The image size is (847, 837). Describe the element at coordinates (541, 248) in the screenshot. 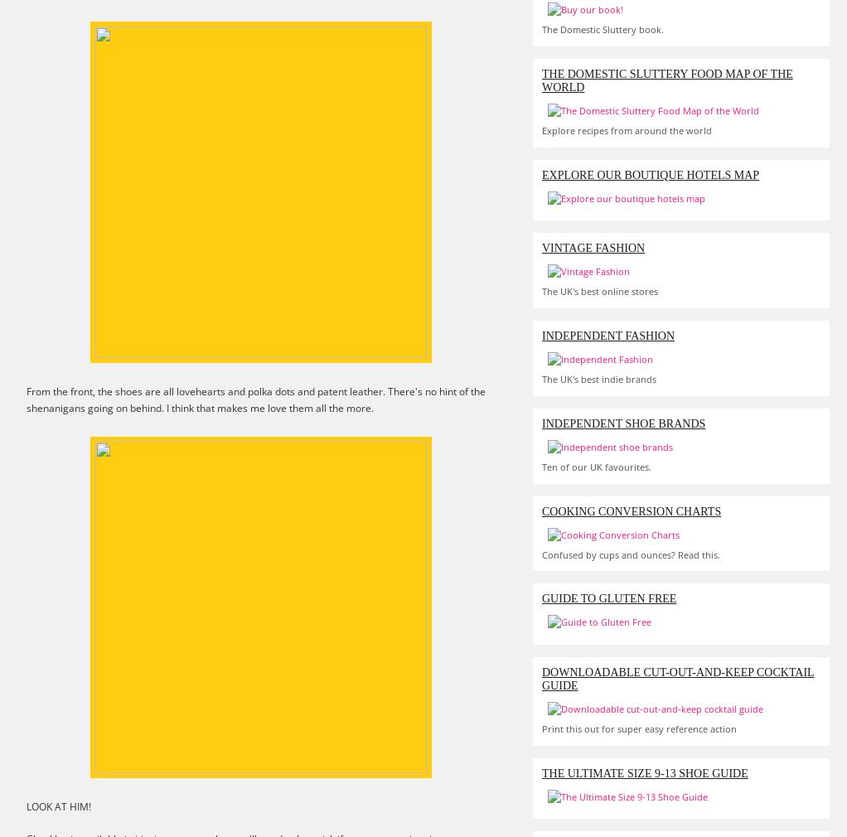

I see `'Vintage Fashion'` at that location.